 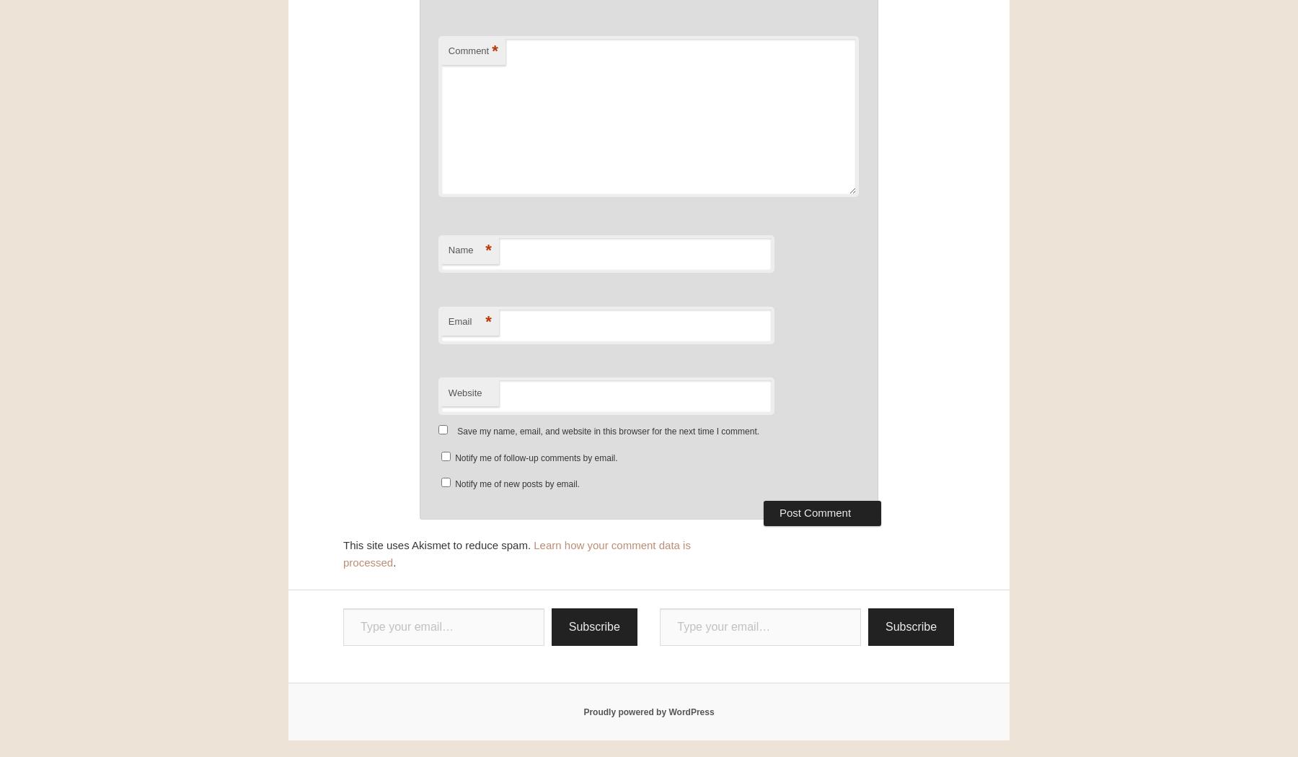 What do you see at coordinates (460, 249) in the screenshot?
I see `'Name'` at bounding box center [460, 249].